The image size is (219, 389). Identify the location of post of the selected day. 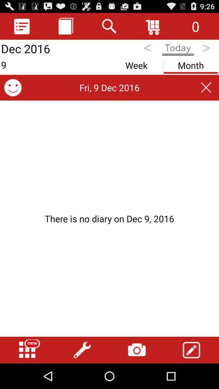
(109, 218).